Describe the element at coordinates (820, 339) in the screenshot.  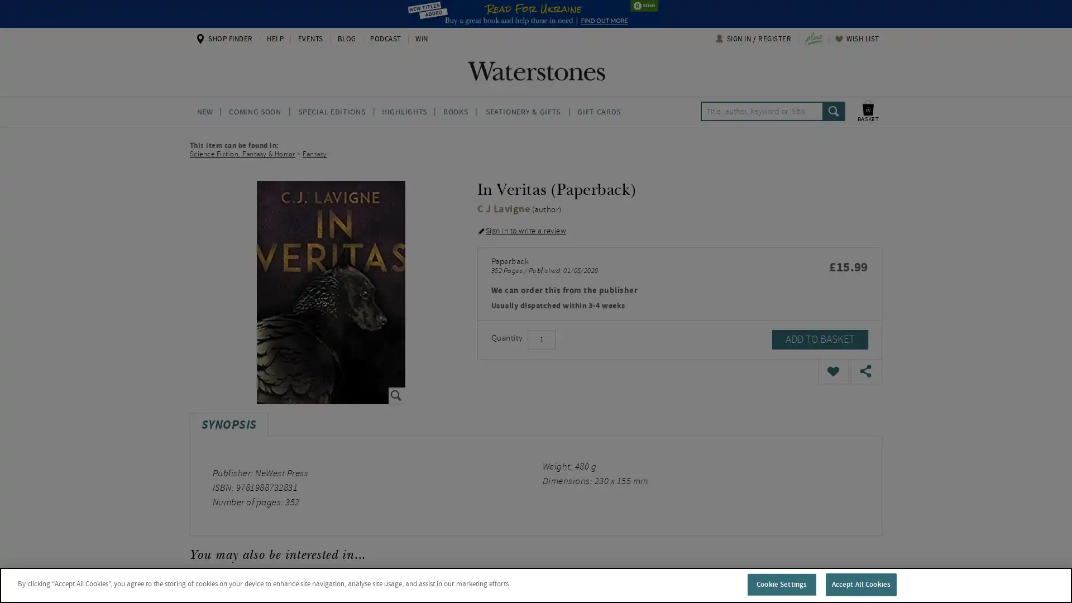
I see `ADD TO BASKET` at that location.